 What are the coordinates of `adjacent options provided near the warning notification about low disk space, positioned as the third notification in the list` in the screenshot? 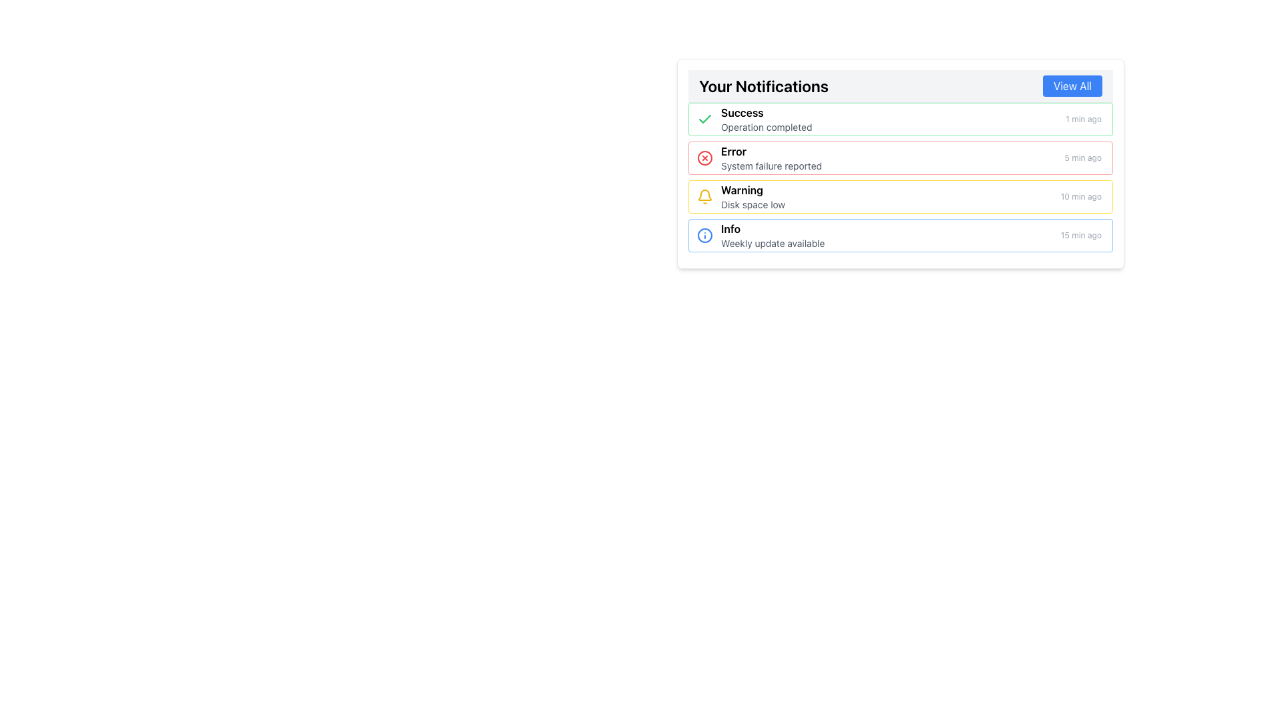 It's located at (885, 196).